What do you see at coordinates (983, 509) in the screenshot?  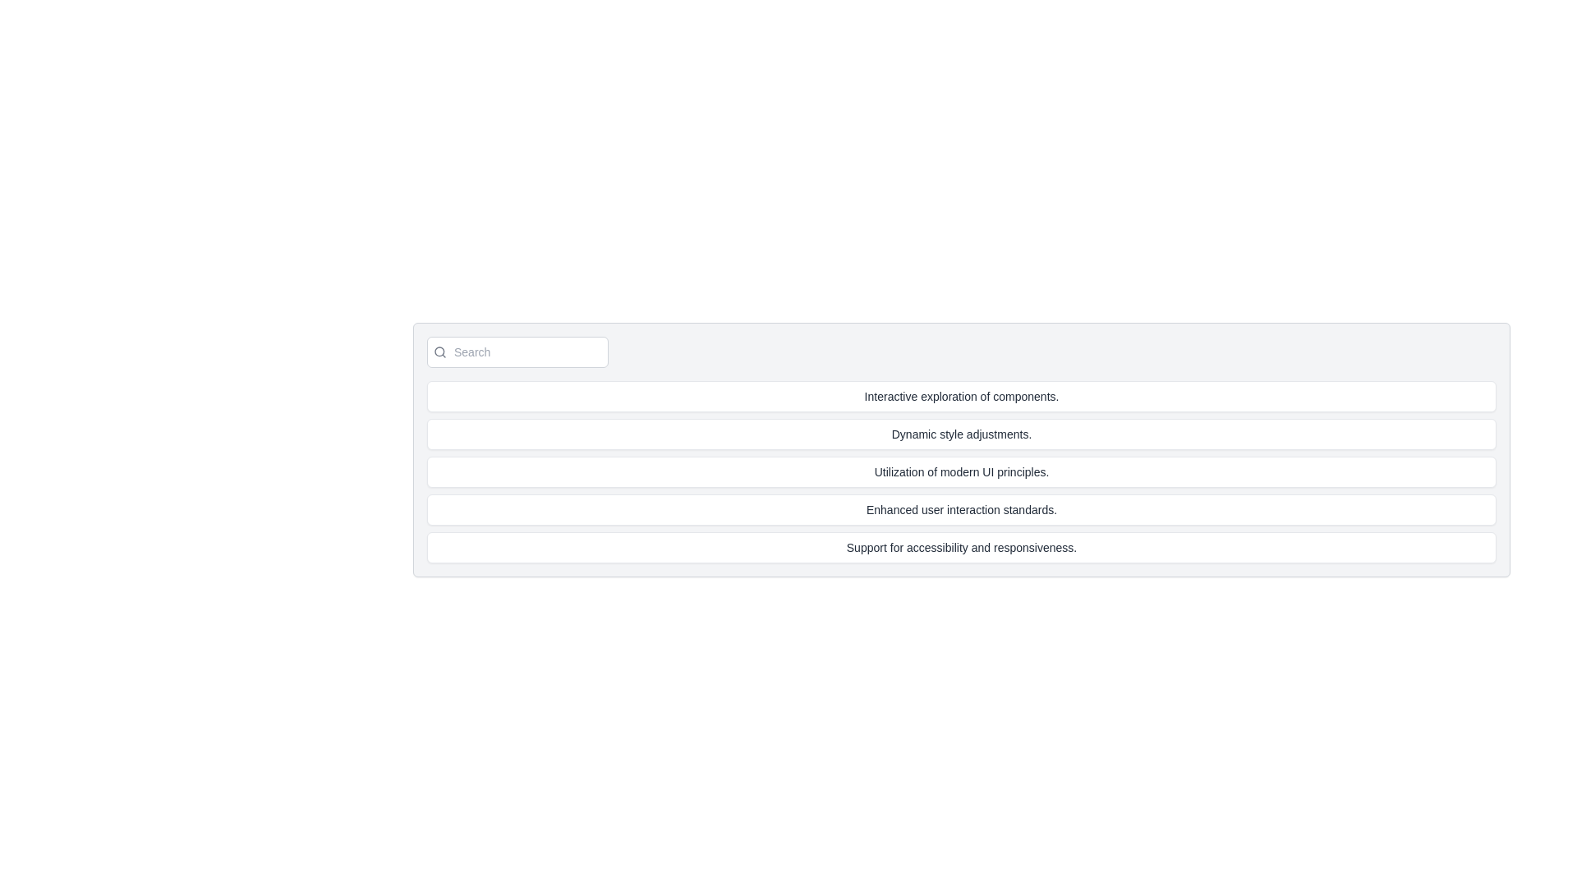 I see `the letter 't' in the phrase 'Enhanced user interaction standards' located in the fourth row of the text list` at bounding box center [983, 509].